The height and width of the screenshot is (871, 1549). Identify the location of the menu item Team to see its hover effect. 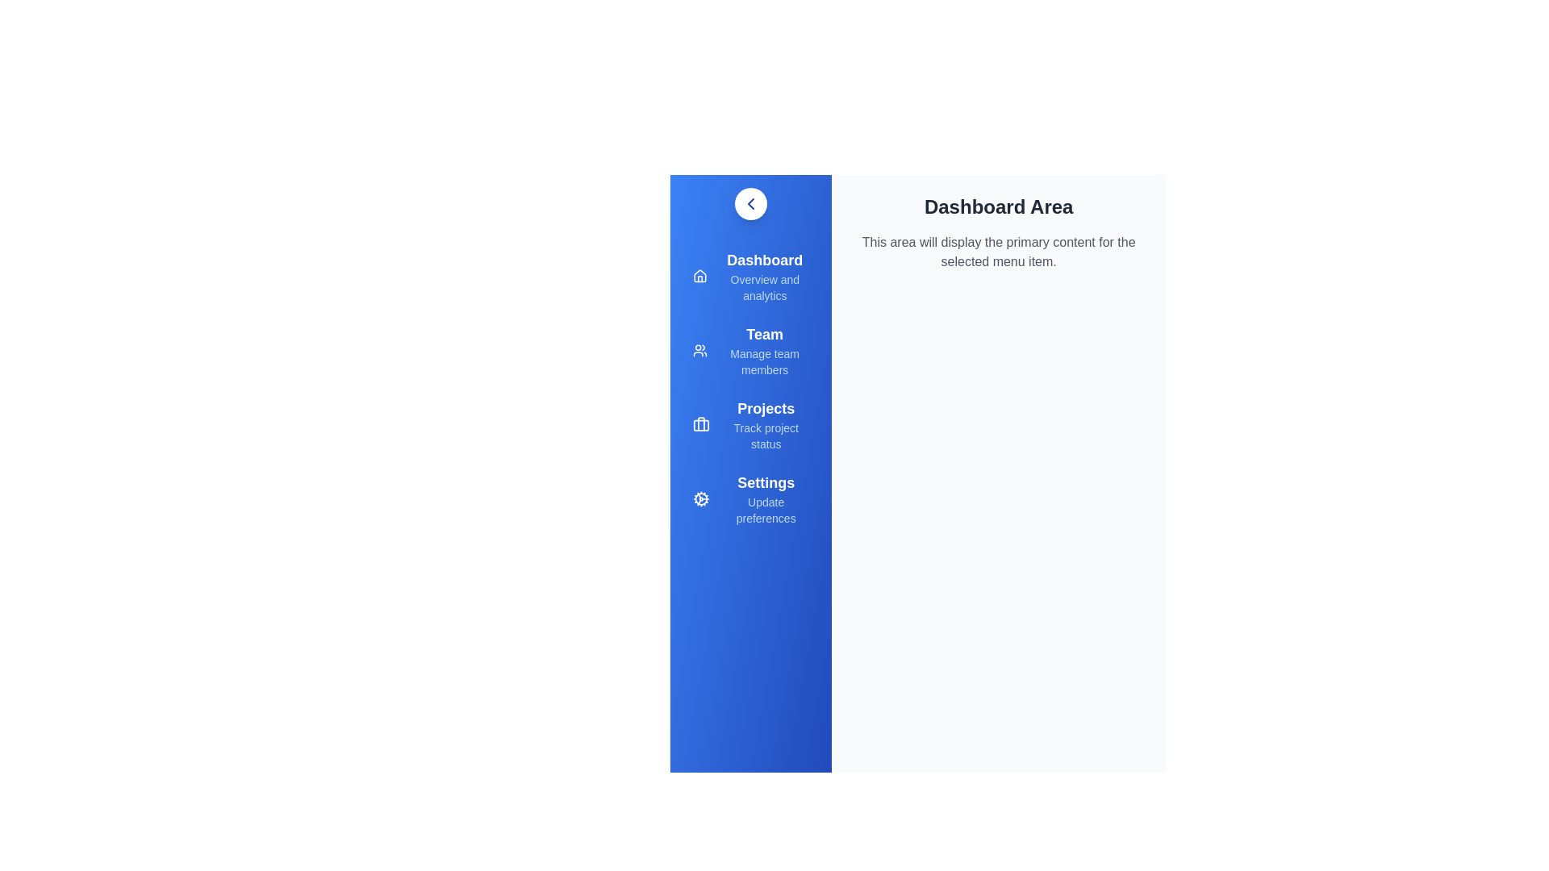
(750, 350).